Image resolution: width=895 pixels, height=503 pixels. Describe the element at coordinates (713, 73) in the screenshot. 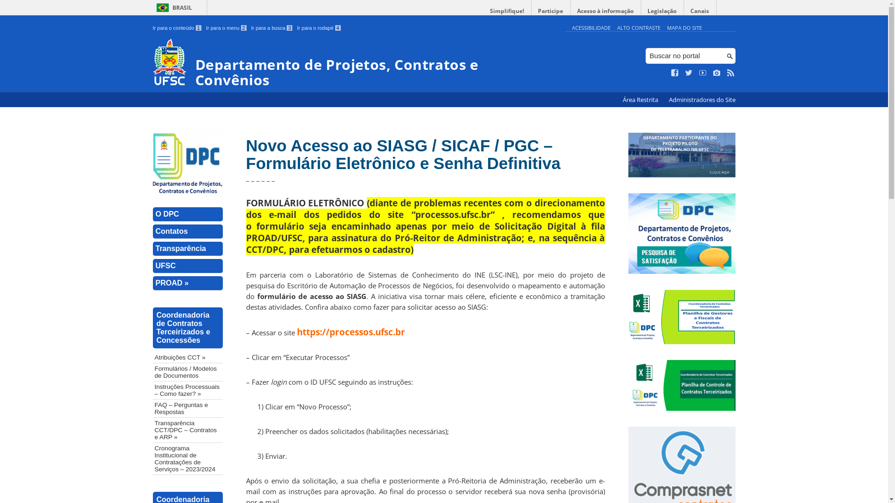

I see `'Veja no Instagram'` at that location.